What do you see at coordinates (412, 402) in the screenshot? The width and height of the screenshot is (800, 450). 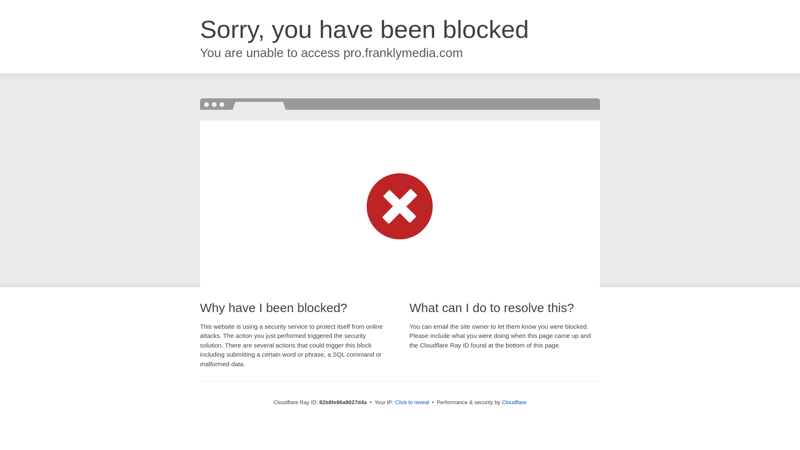 I see `'Click to reveal'` at bounding box center [412, 402].